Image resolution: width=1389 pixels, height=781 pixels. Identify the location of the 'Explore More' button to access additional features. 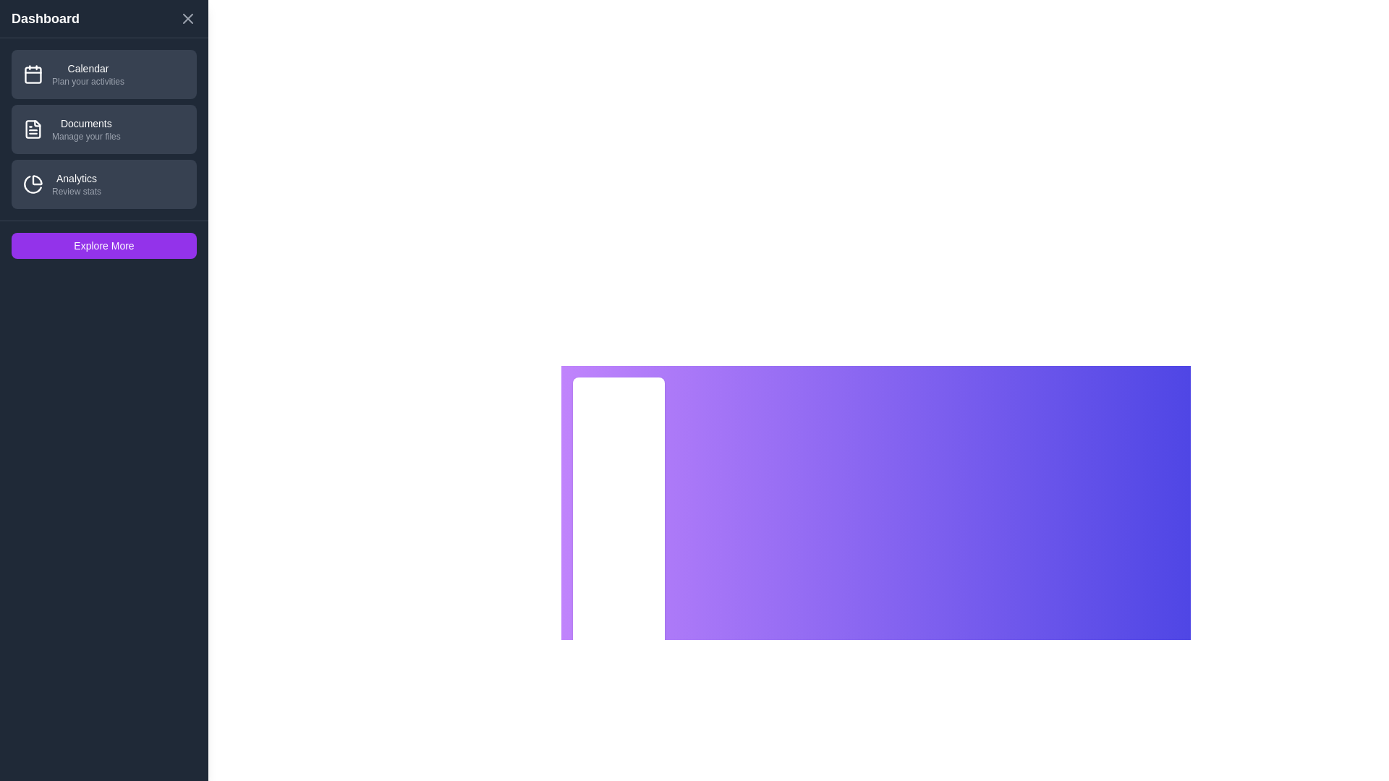
(103, 244).